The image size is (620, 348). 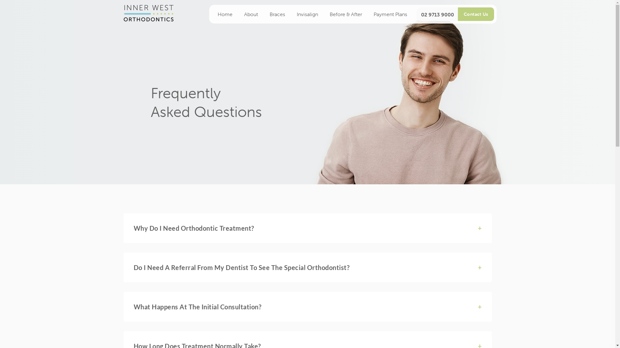 What do you see at coordinates (345, 14) in the screenshot?
I see `'Before & After'` at bounding box center [345, 14].